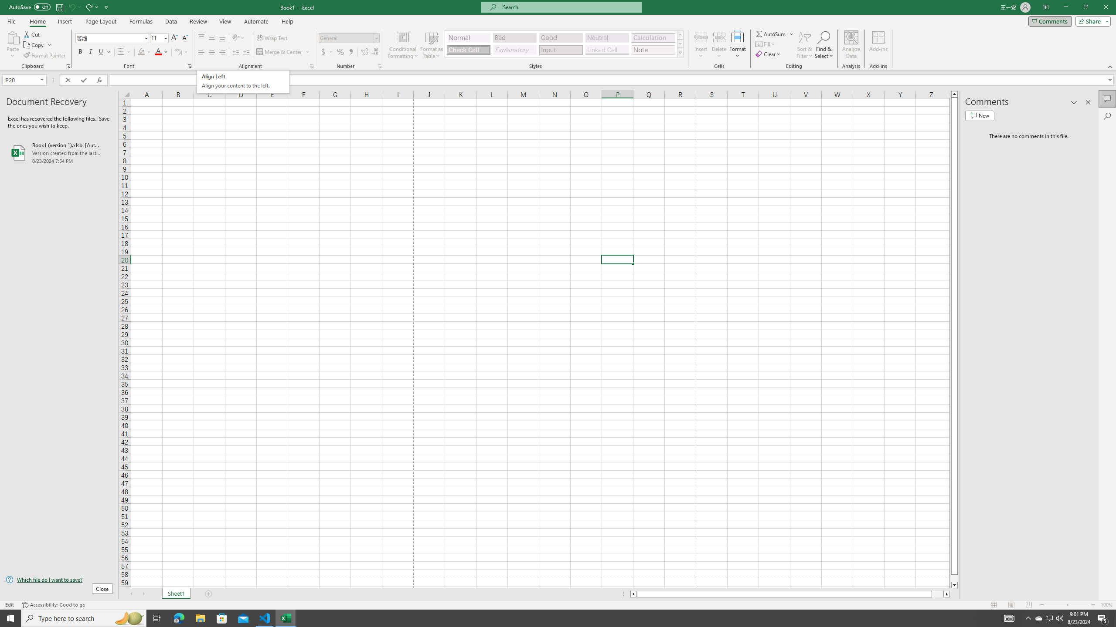 The width and height of the screenshot is (1116, 627). I want to click on 'AutoSave', so click(30, 7).